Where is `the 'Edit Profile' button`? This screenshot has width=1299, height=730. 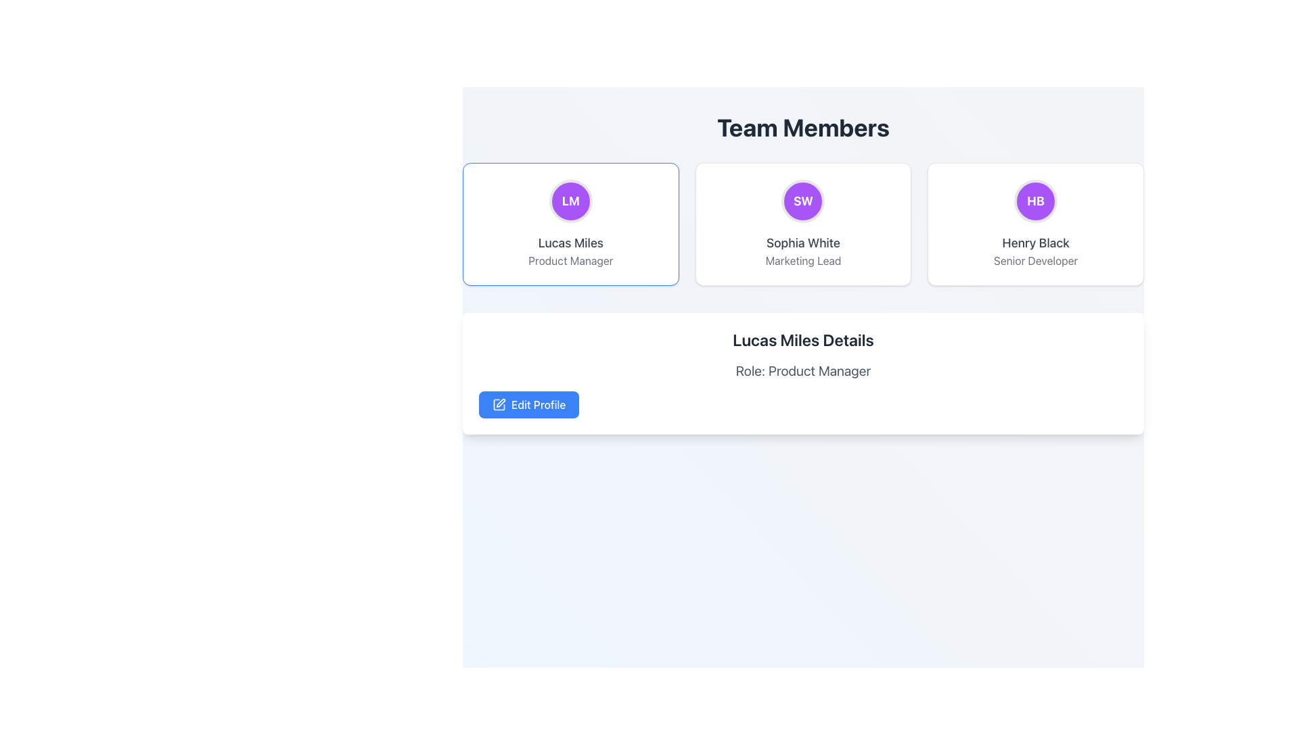 the 'Edit Profile' button is located at coordinates (528, 404).